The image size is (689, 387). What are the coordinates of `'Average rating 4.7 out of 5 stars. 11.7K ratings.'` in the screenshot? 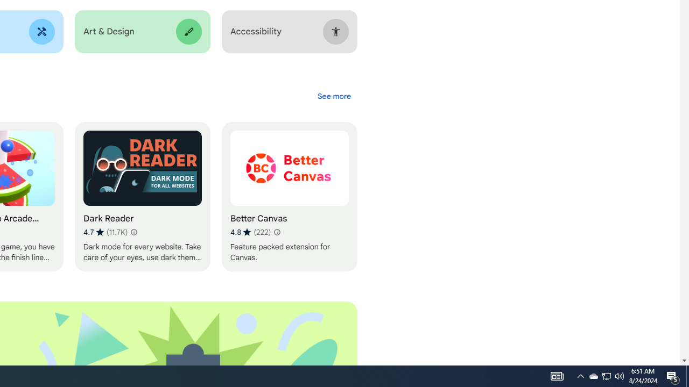 It's located at (105, 232).